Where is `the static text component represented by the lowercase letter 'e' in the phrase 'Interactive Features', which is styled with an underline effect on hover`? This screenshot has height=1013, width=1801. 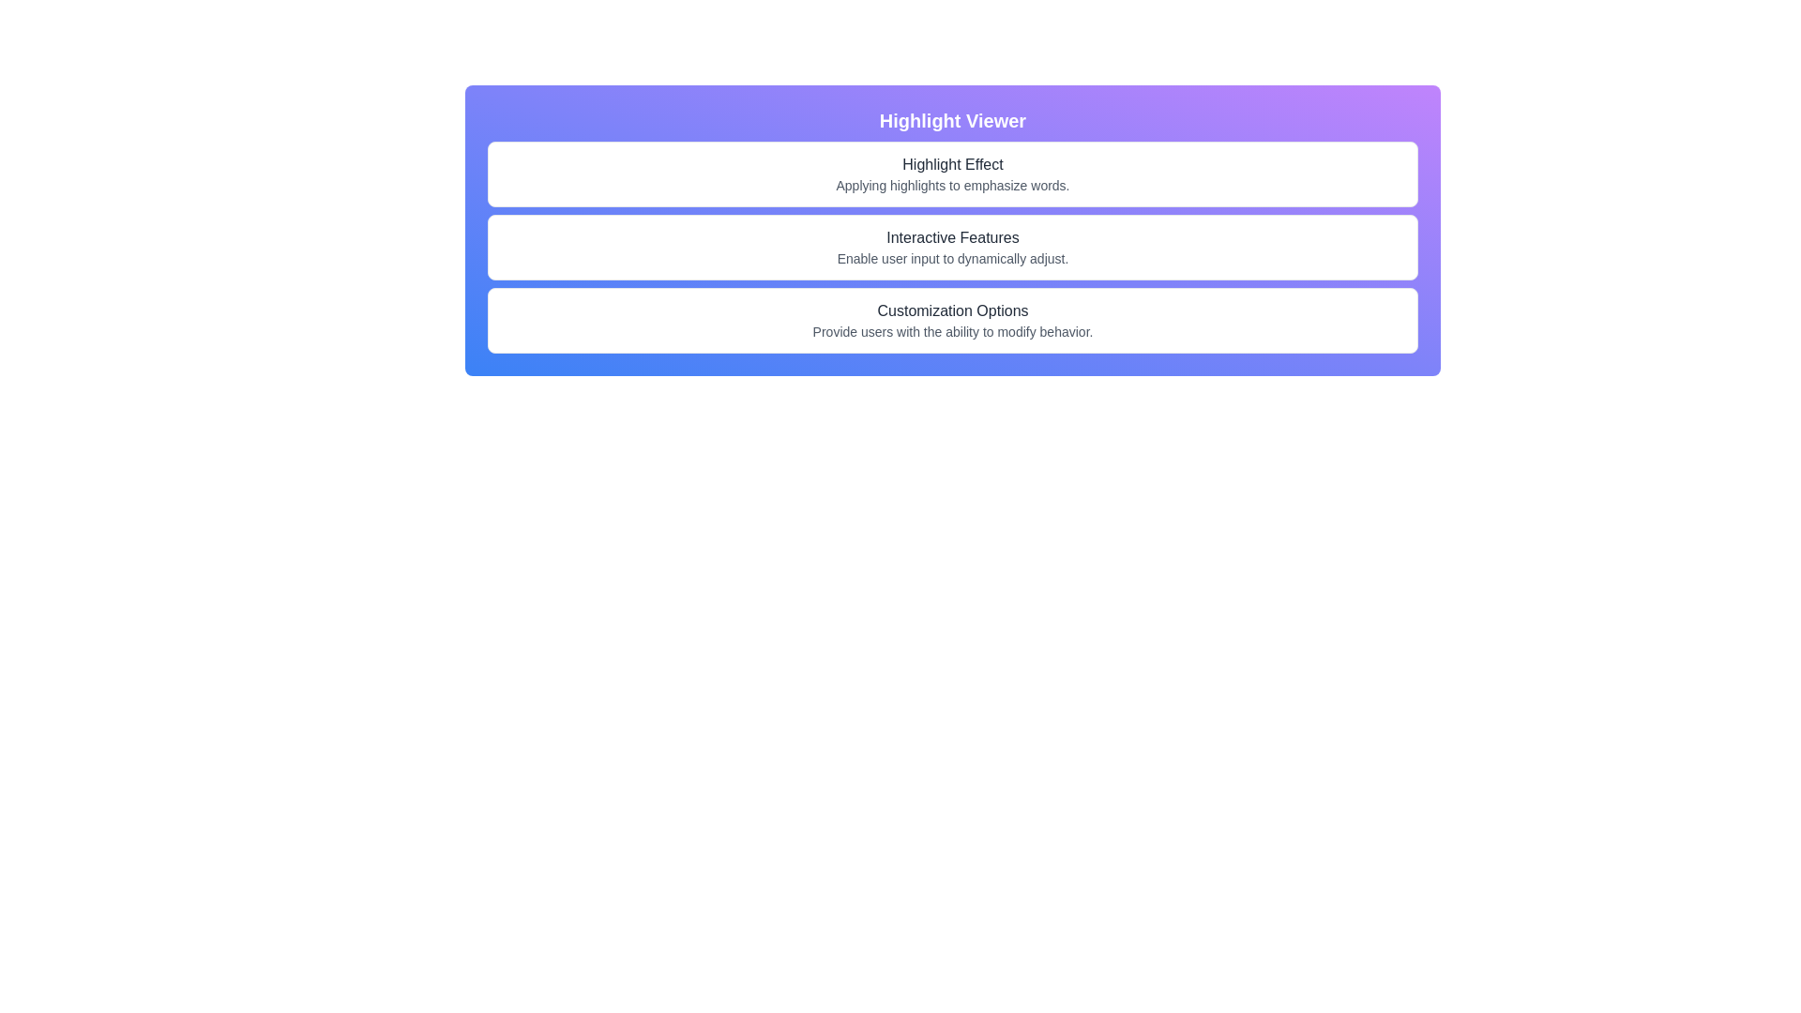
the static text component represented by the lowercase letter 'e' in the phrase 'Interactive Features', which is styled with an underline effect on hover is located at coordinates (1006, 236).